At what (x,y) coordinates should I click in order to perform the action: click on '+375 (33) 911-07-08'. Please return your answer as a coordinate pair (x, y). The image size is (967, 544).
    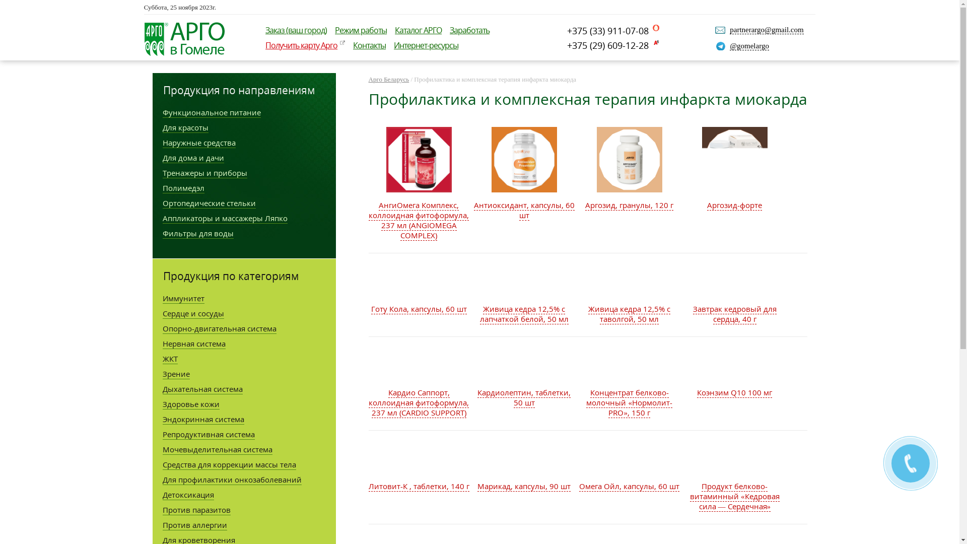
    Looking at the image, I should click on (567, 30).